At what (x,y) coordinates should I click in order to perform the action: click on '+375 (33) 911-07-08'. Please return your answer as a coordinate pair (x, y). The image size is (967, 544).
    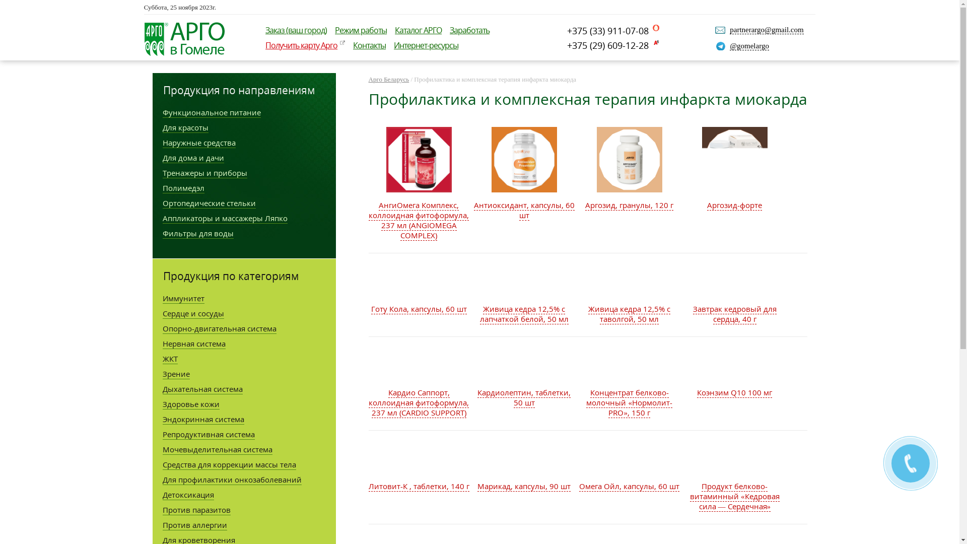
    Looking at the image, I should click on (567, 30).